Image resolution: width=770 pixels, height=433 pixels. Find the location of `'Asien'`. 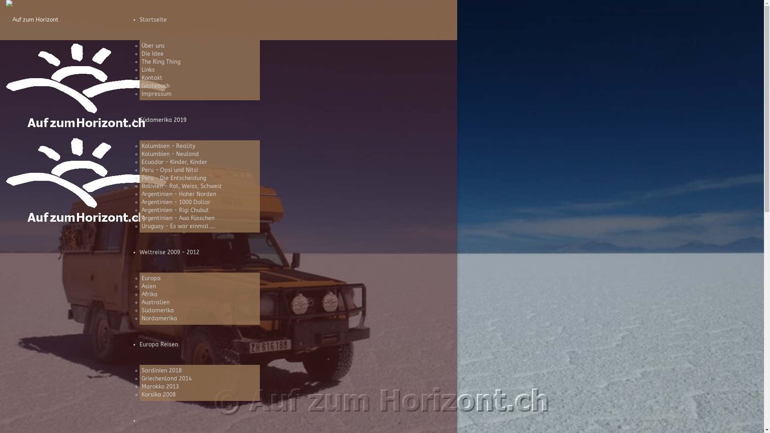

'Asien' is located at coordinates (148, 286).